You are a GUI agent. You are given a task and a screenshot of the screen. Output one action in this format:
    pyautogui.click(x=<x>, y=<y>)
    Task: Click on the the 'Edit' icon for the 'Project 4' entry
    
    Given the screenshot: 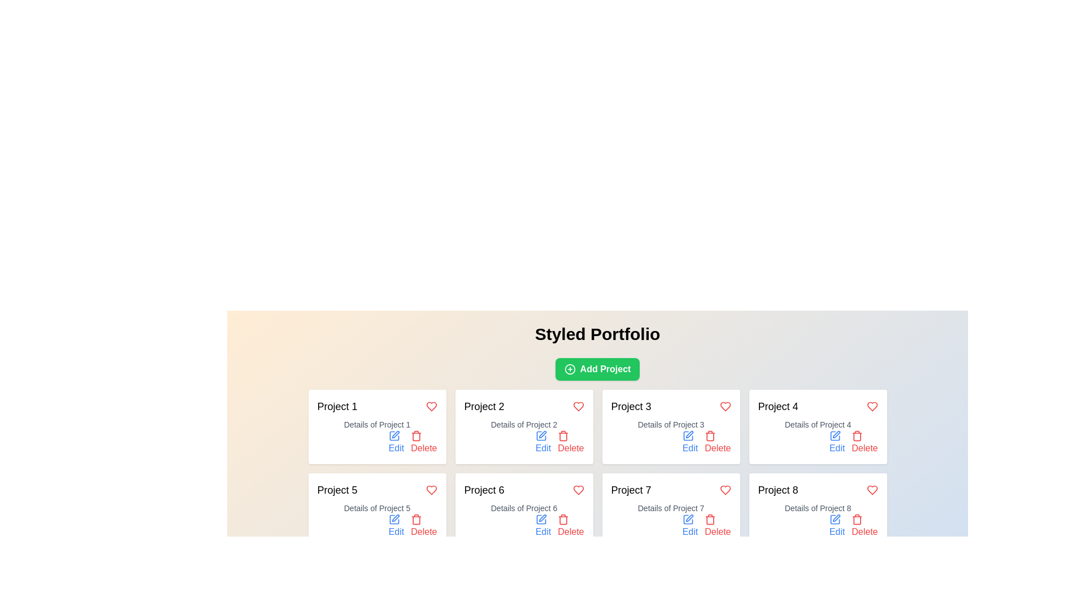 What is the action you would take?
    pyautogui.click(x=835, y=435)
    